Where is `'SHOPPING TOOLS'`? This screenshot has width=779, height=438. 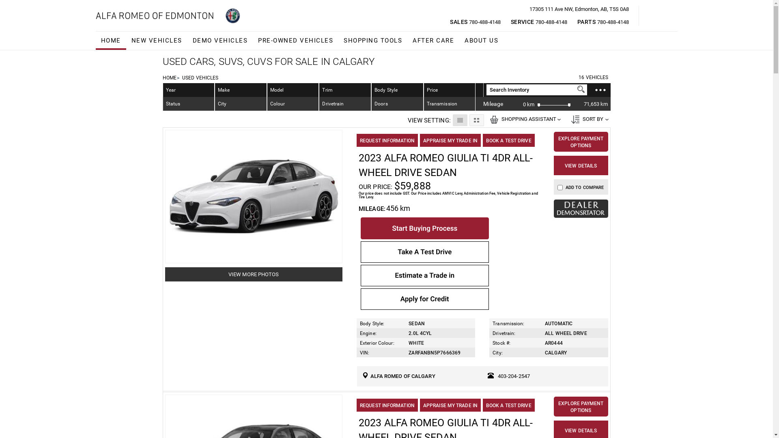
'SHOPPING TOOLS' is located at coordinates (372, 41).